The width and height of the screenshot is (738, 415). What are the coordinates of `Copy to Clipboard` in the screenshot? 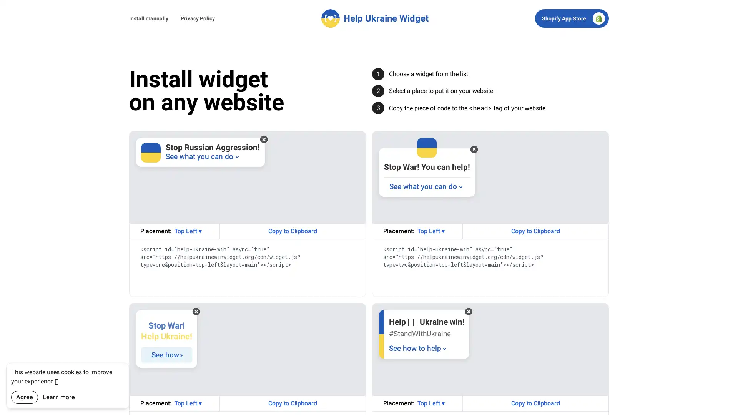 It's located at (535, 231).